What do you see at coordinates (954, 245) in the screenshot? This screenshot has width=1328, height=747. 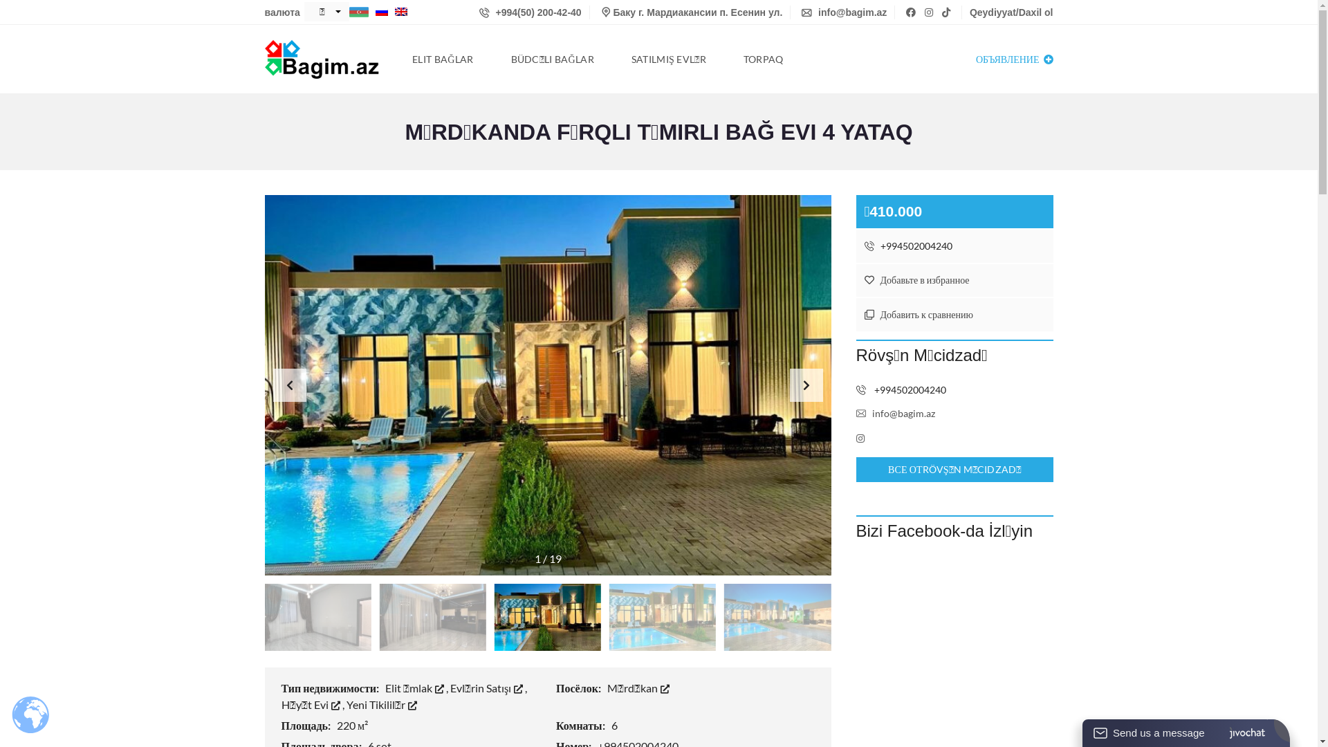 I see `'+994502004240'` at bounding box center [954, 245].